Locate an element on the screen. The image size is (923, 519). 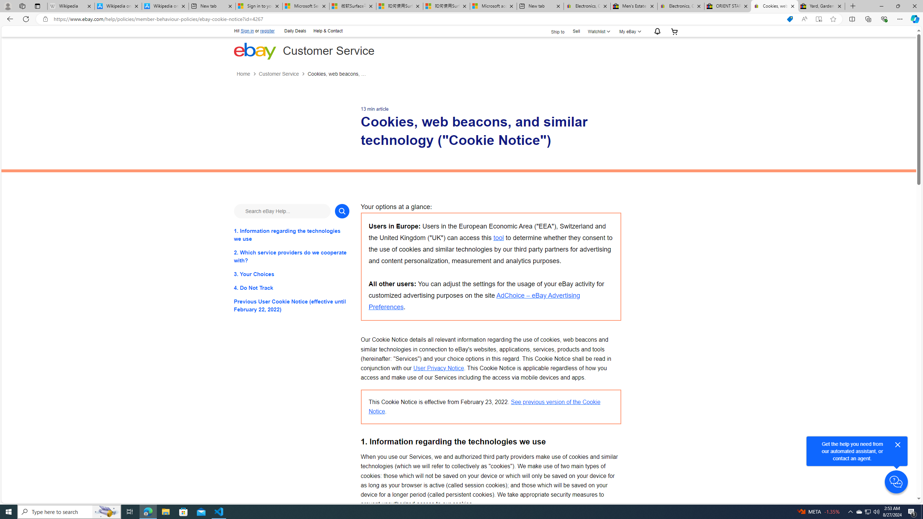
'Search eBay Help...' is located at coordinates (282, 211).